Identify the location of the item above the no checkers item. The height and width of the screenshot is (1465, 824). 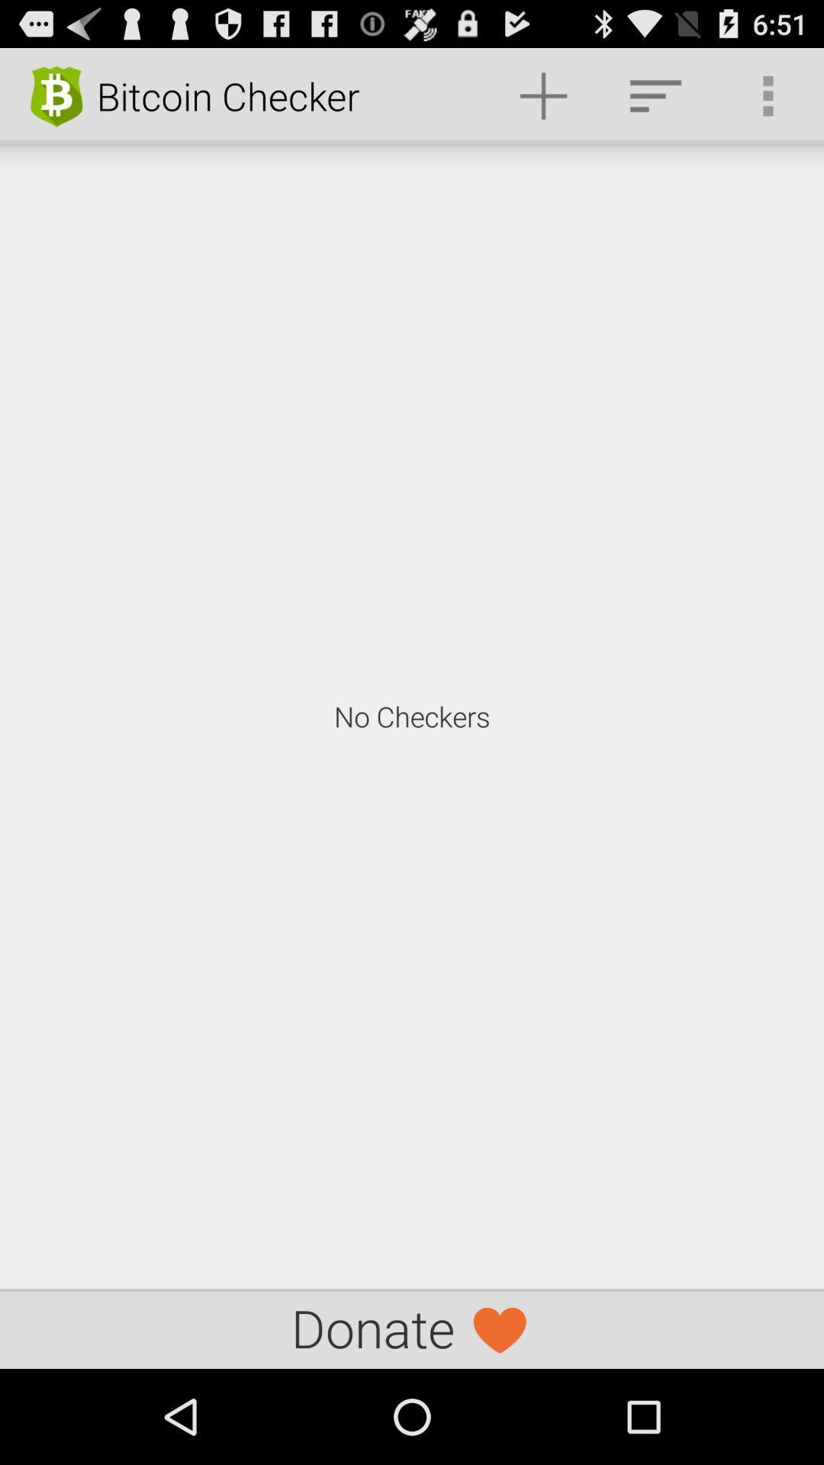
(542, 95).